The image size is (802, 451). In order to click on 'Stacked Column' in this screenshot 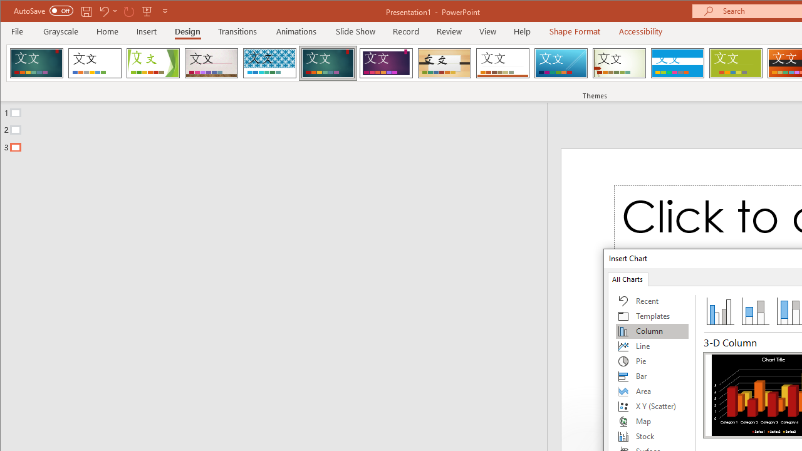, I will do `click(754, 310)`.